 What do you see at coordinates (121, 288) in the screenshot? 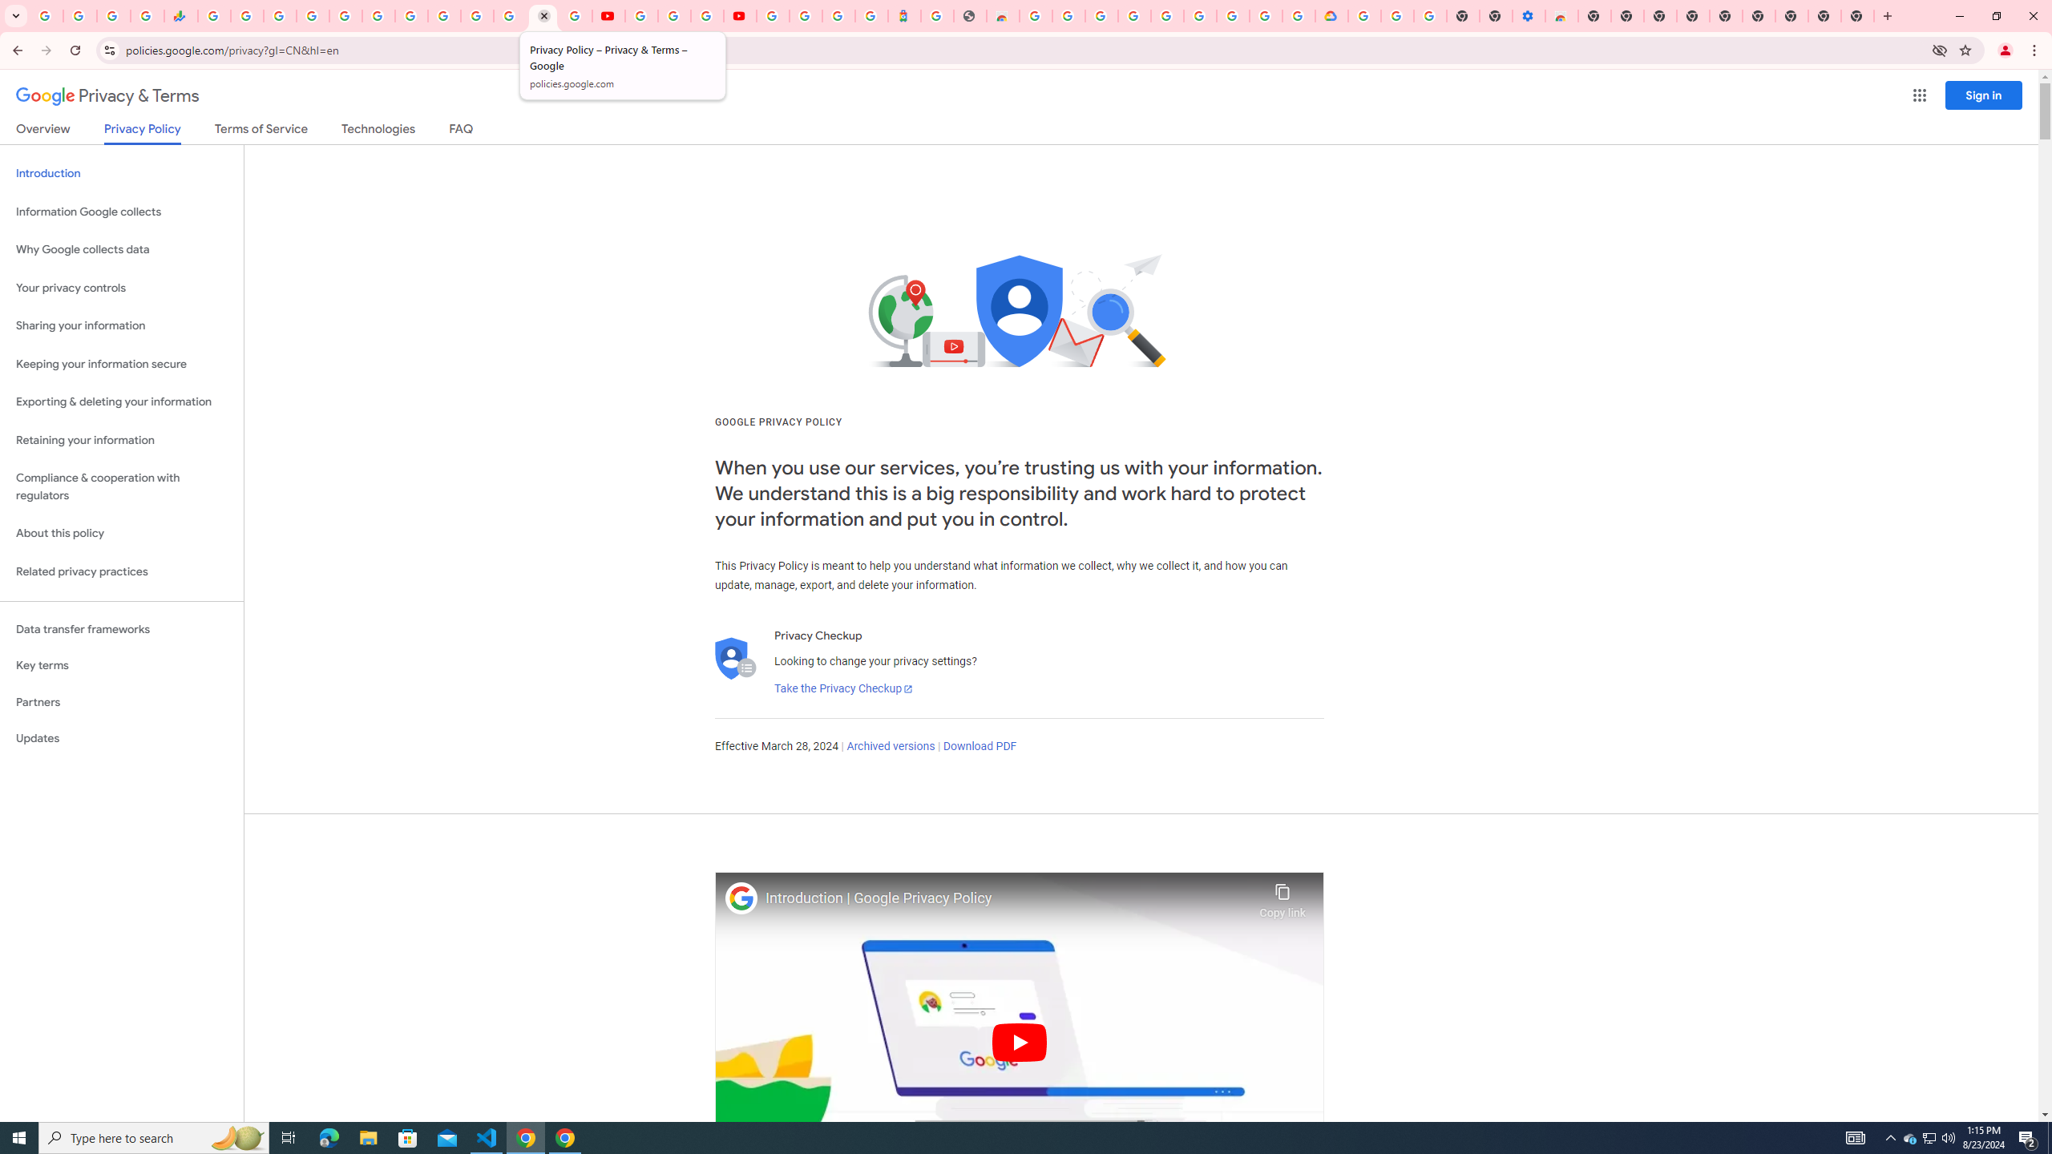
I see `'Your privacy controls'` at bounding box center [121, 288].